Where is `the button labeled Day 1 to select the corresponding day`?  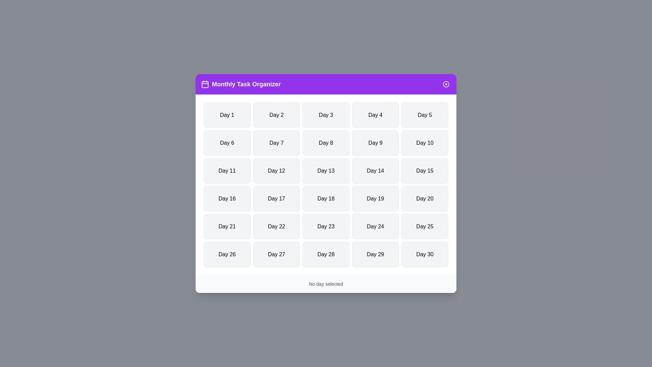 the button labeled Day 1 to select the corresponding day is located at coordinates (227, 115).